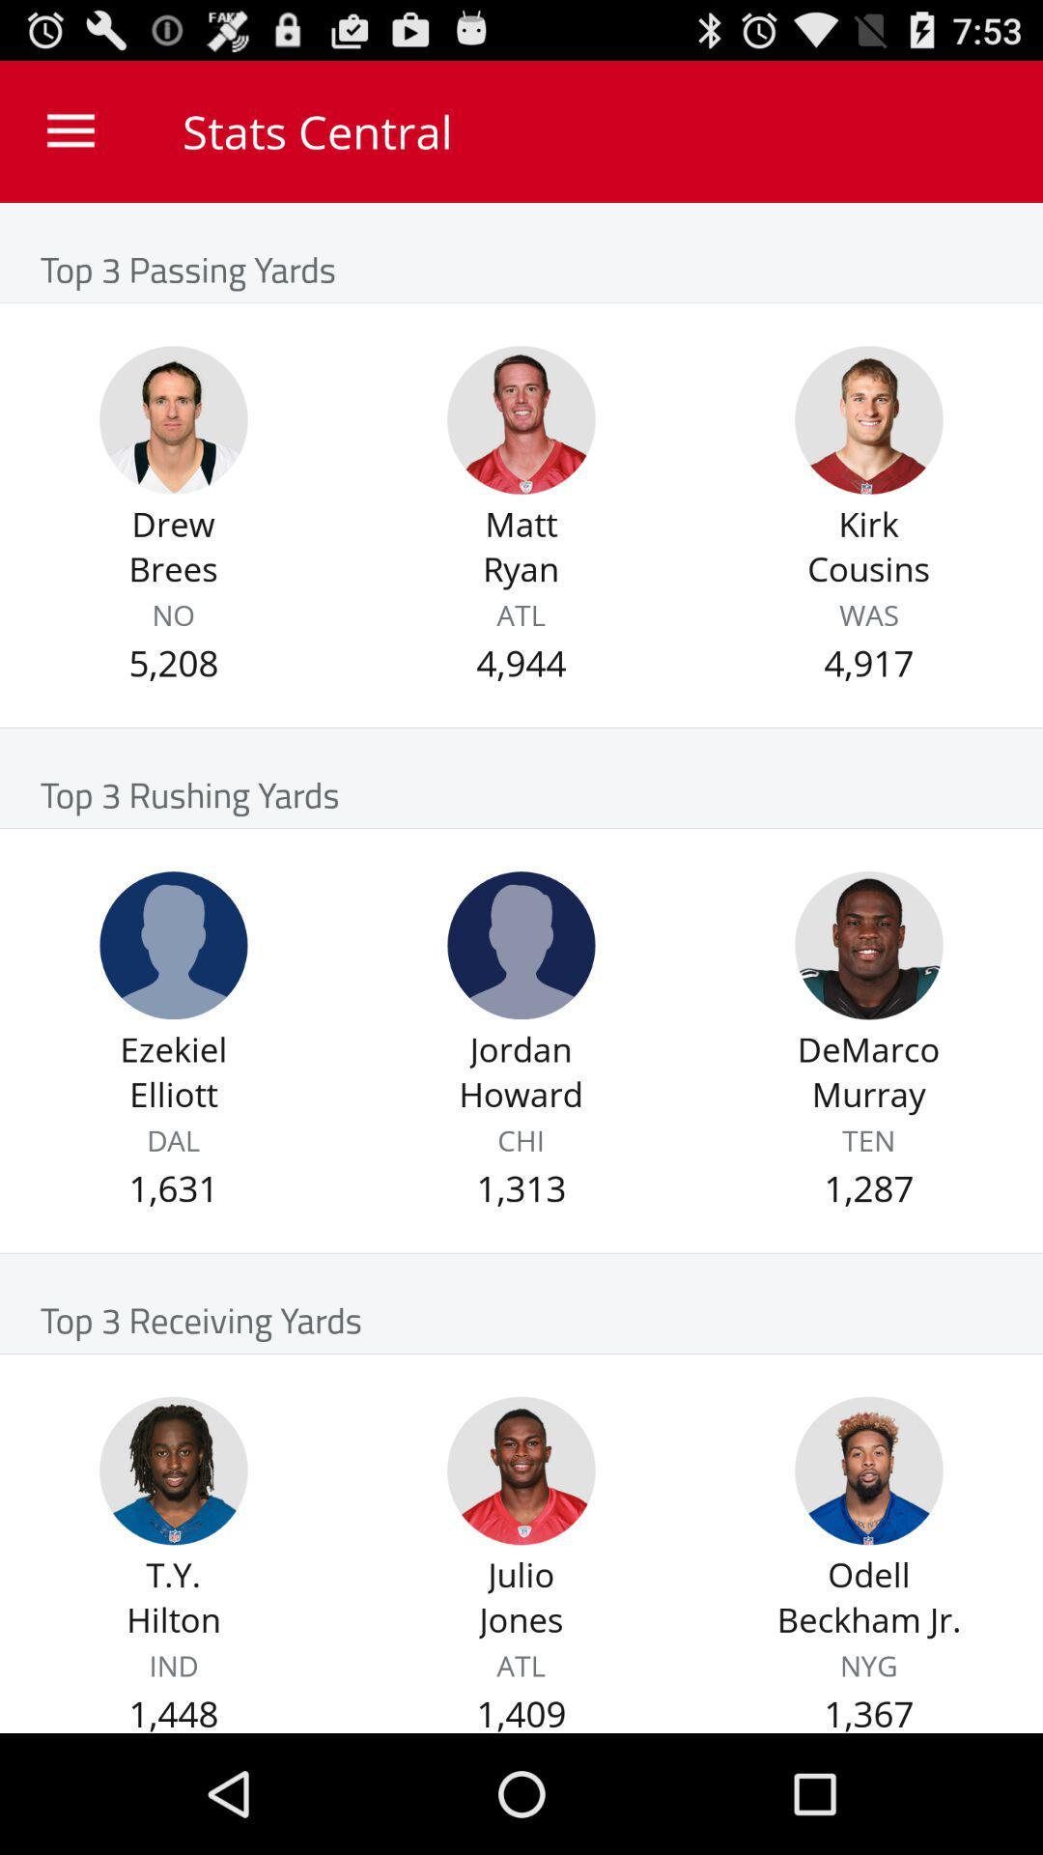 The height and width of the screenshot is (1855, 1043). What do you see at coordinates (521, 1011) in the screenshot?
I see `the avatar icon` at bounding box center [521, 1011].